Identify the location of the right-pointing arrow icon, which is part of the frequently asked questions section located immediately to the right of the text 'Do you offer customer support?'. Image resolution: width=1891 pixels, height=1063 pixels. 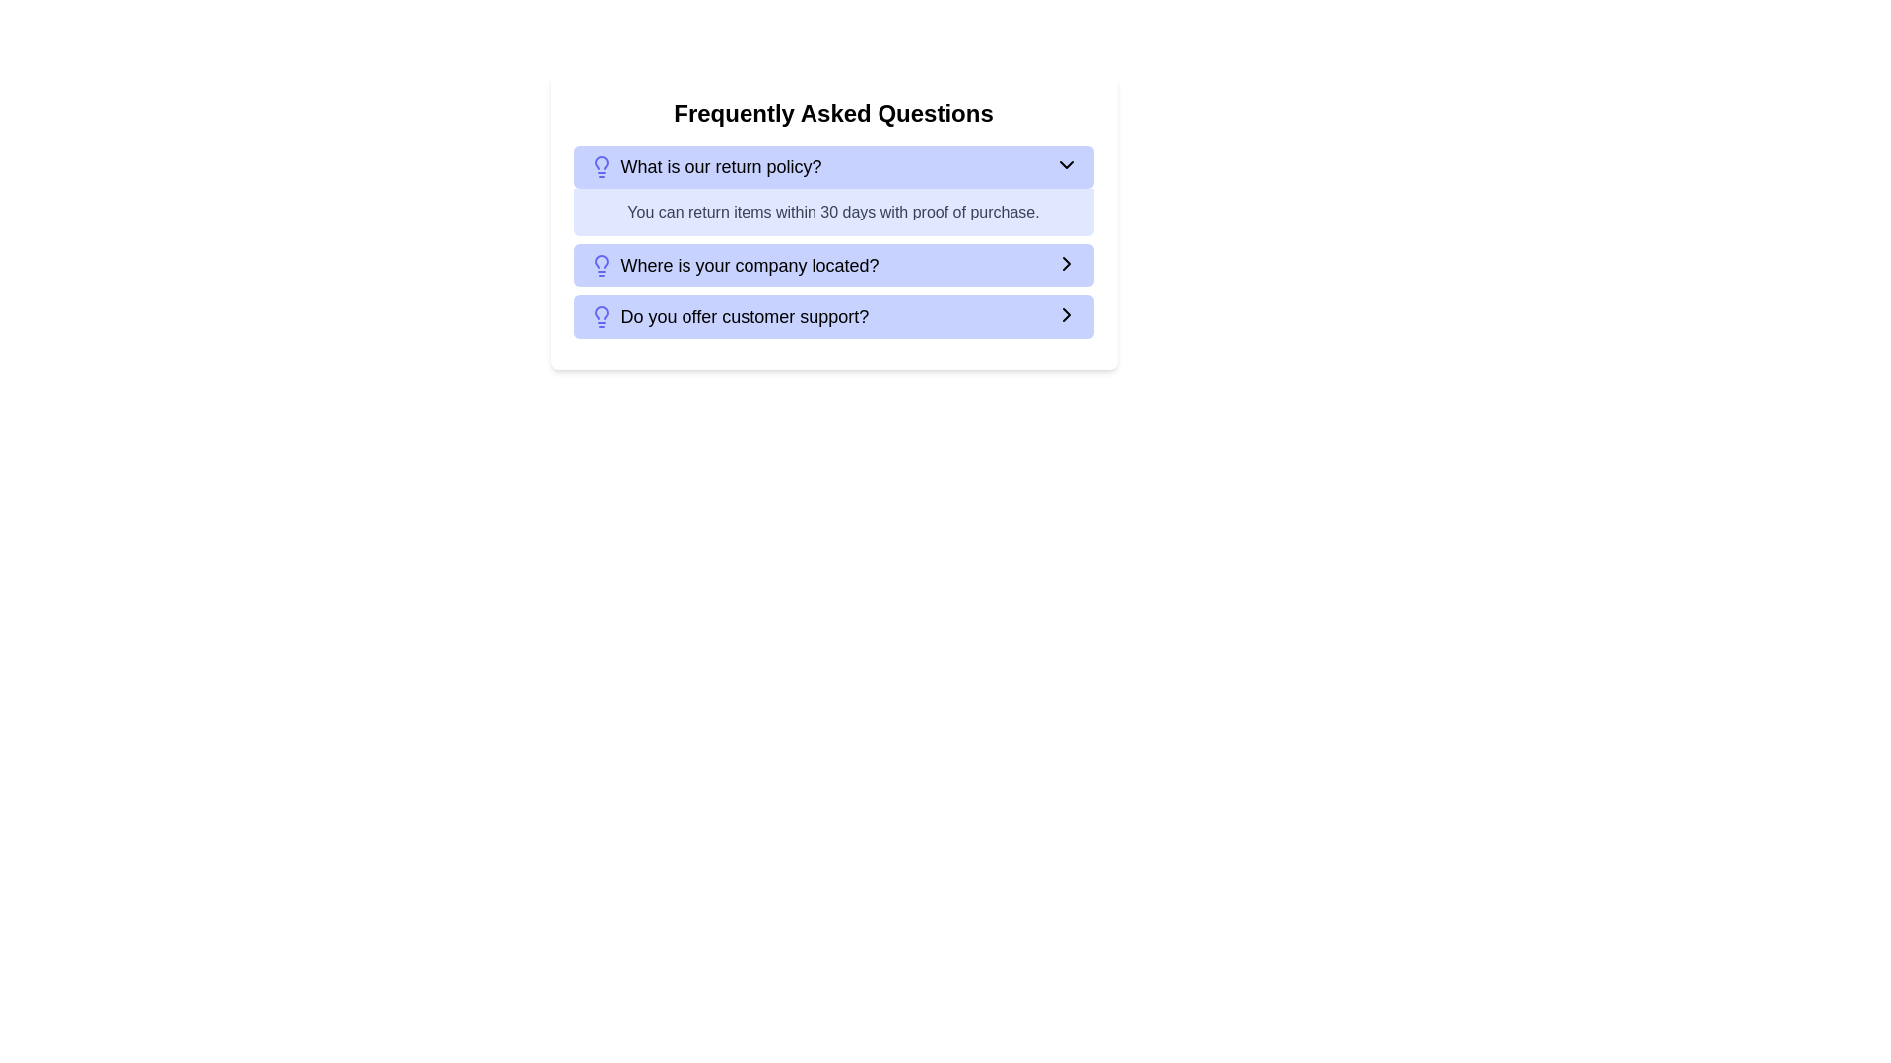
(1065, 314).